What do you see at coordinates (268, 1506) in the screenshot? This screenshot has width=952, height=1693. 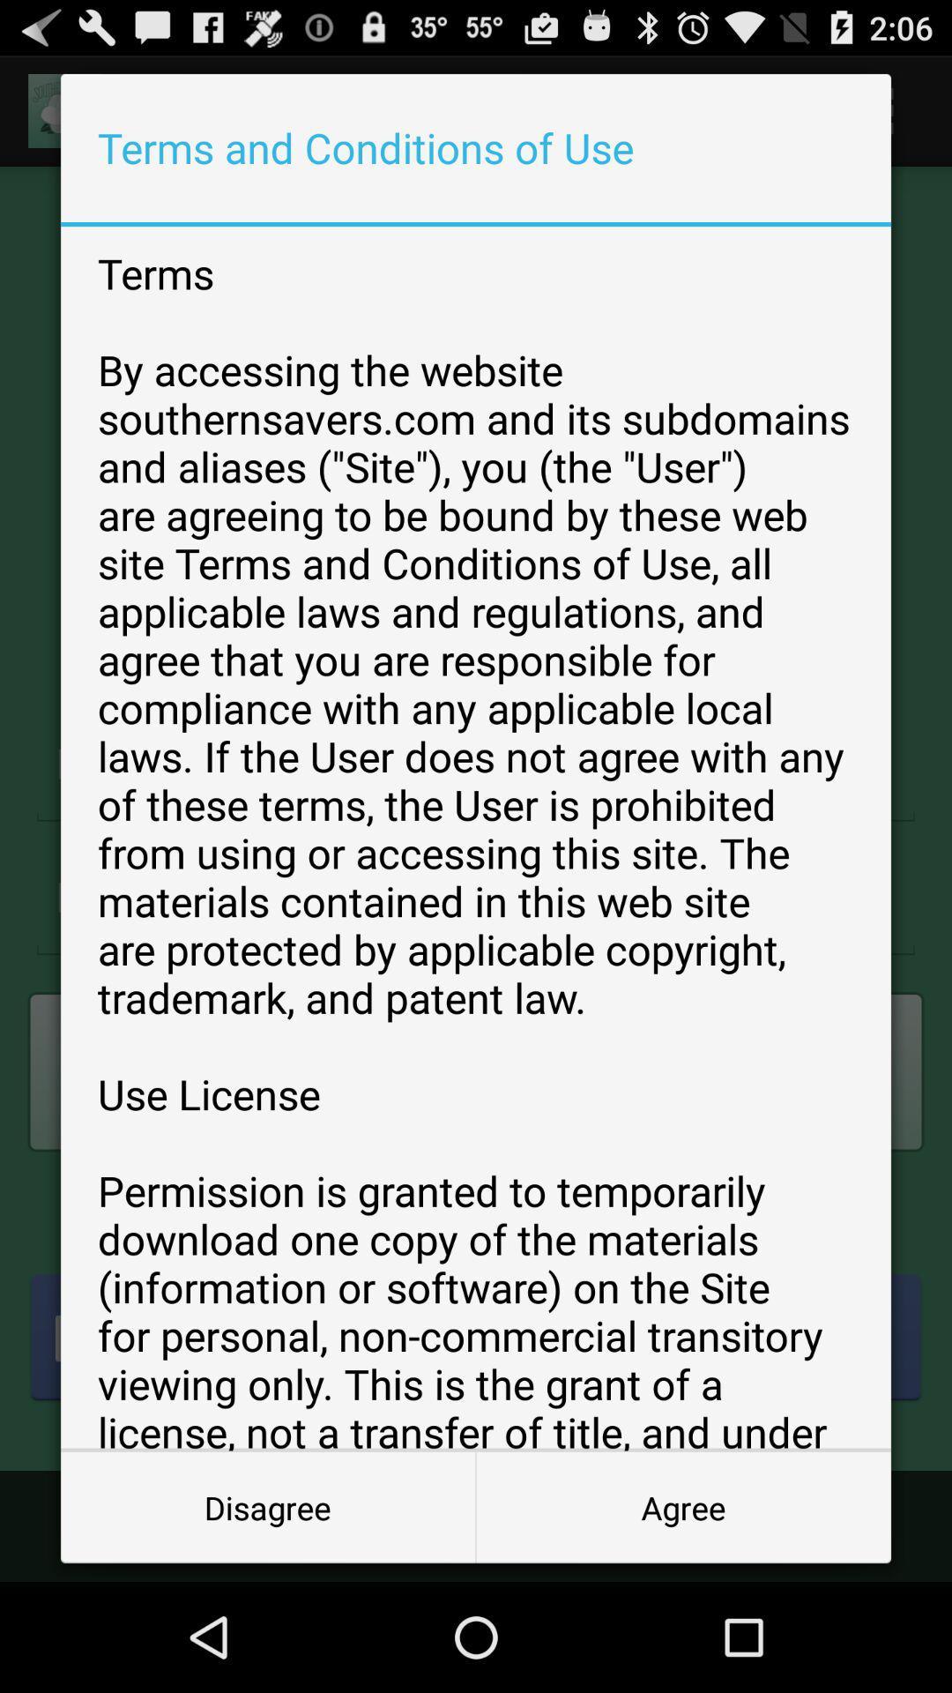 I see `the button at the bottom left corner` at bounding box center [268, 1506].